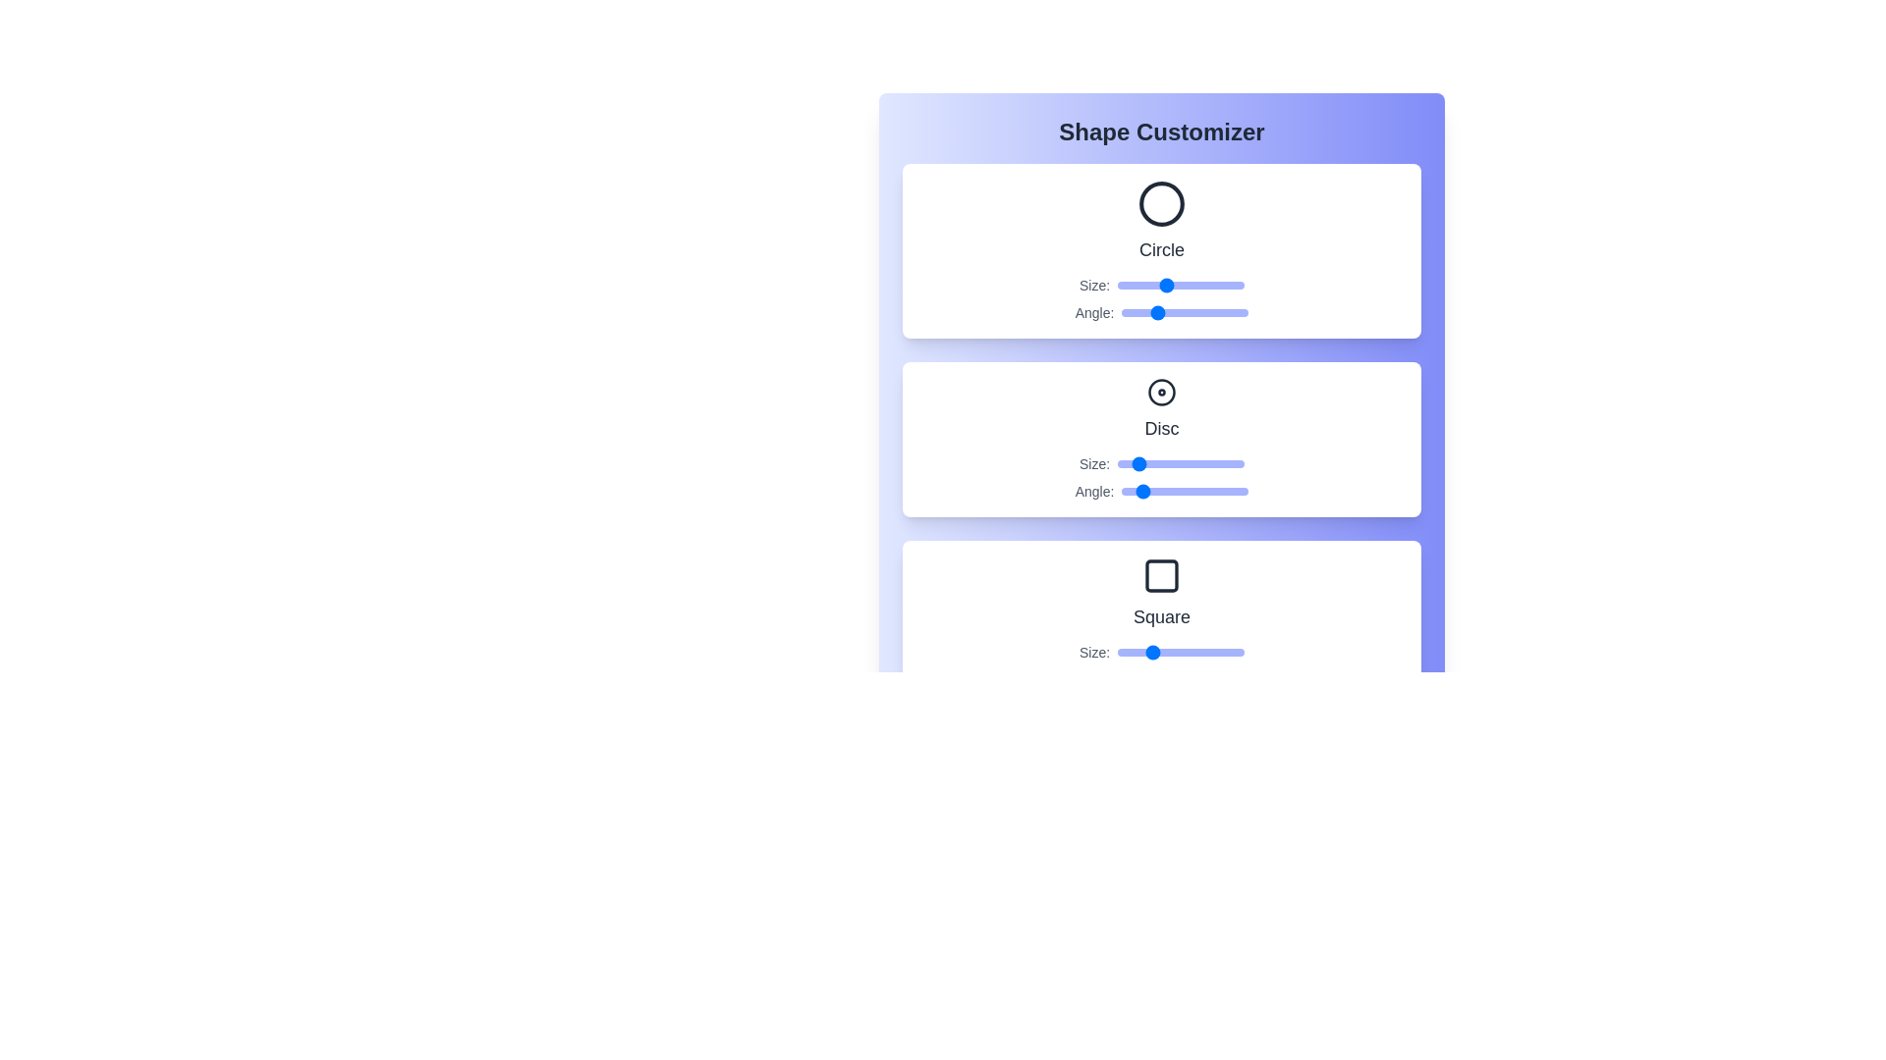 The height and width of the screenshot is (1060, 1886). What do you see at coordinates (1161, 491) in the screenshot?
I see `the angle of the Disc shape to 111 degrees` at bounding box center [1161, 491].